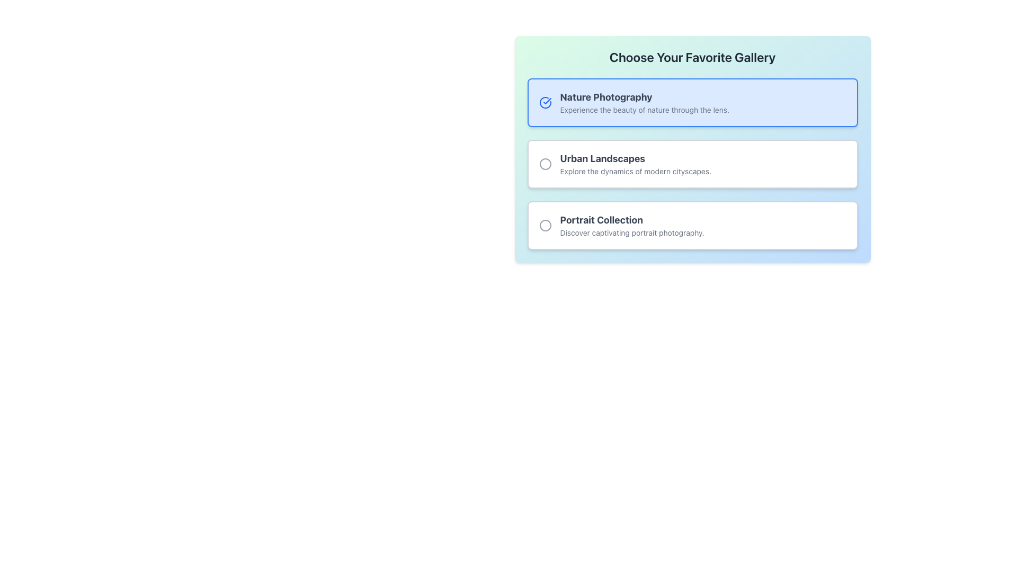 Image resolution: width=1017 pixels, height=572 pixels. Describe the element at coordinates (636, 171) in the screenshot. I see `text block containing 'Explore the dynamics of modern cityscapes.' located below the title 'Urban Landscapes' in the second option block` at that location.